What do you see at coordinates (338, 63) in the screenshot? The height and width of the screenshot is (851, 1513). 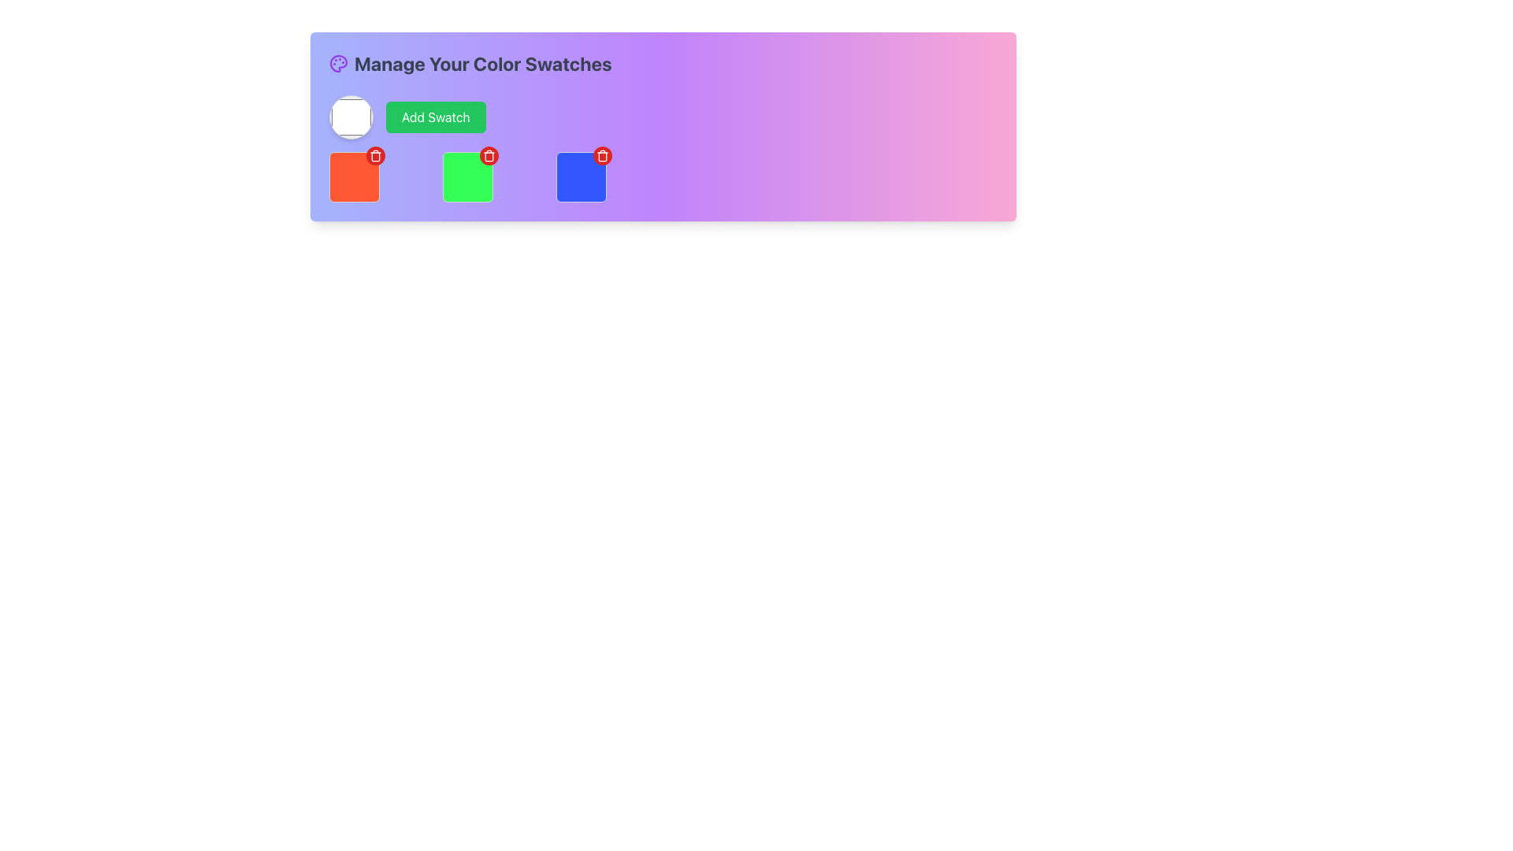 I see `the color management icon located at the top-left corner of the 'Manage Your Color Swatches' bar` at bounding box center [338, 63].